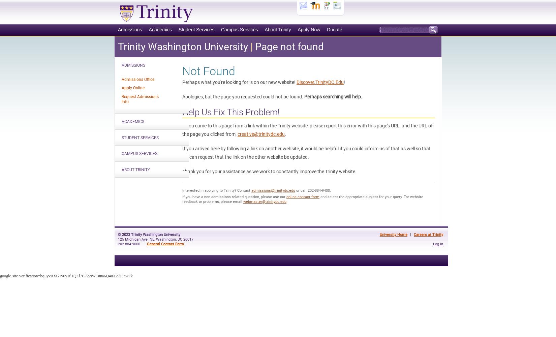 This screenshot has width=556, height=337. What do you see at coordinates (239, 82) in the screenshot?
I see `'Perhaps what you're looking for is on our new website!'` at bounding box center [239, 82].